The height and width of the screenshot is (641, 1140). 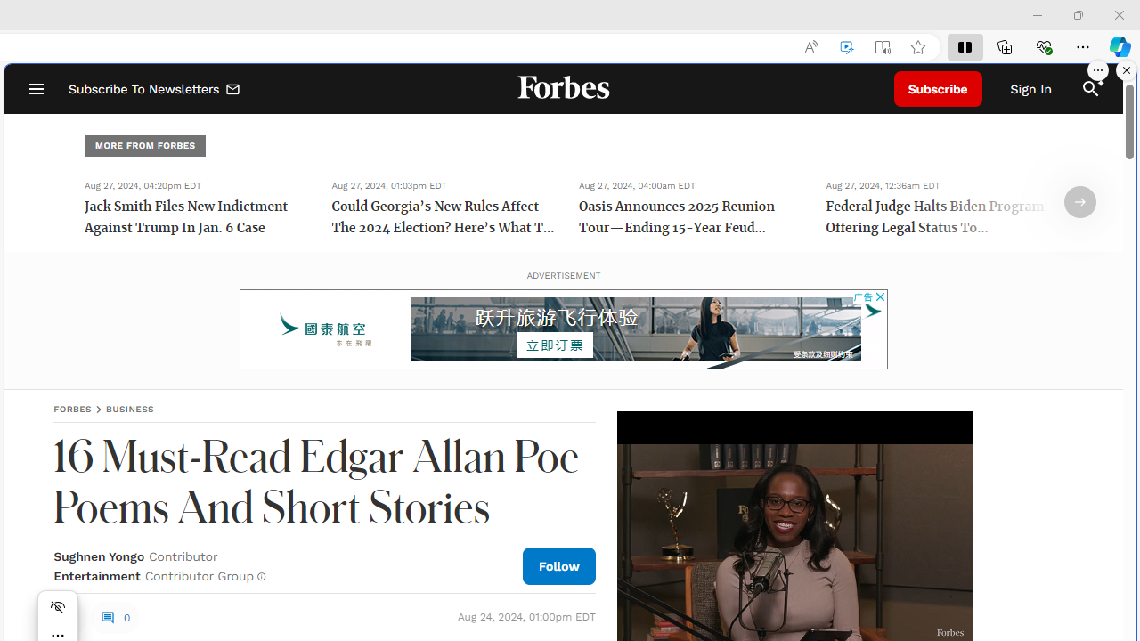 I want to click on 'Jack Smith Files New Indictment Against Trump In Jan. 6 Case', so click(x=196, y=217).